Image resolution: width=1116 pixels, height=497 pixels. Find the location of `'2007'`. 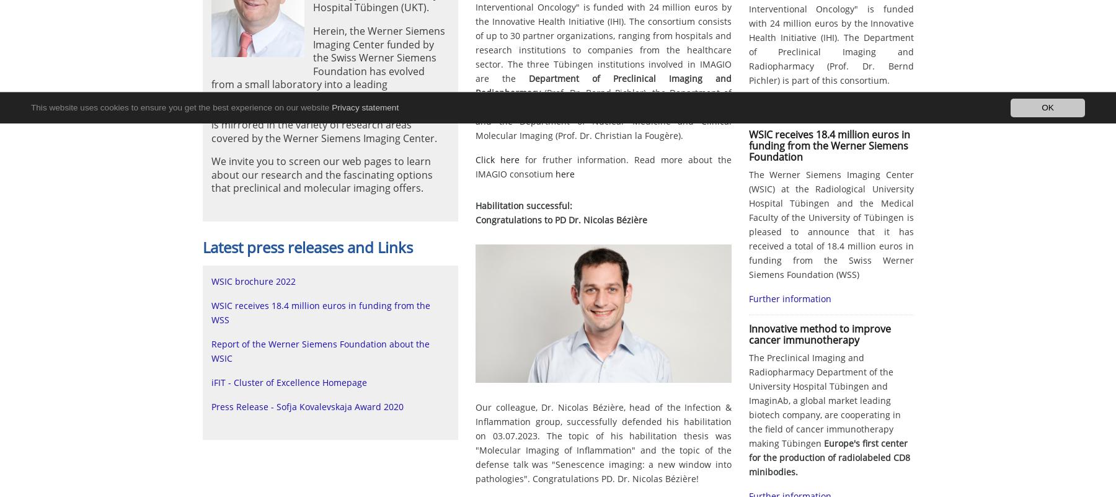

'2007' is located at coordinates (551, 94).